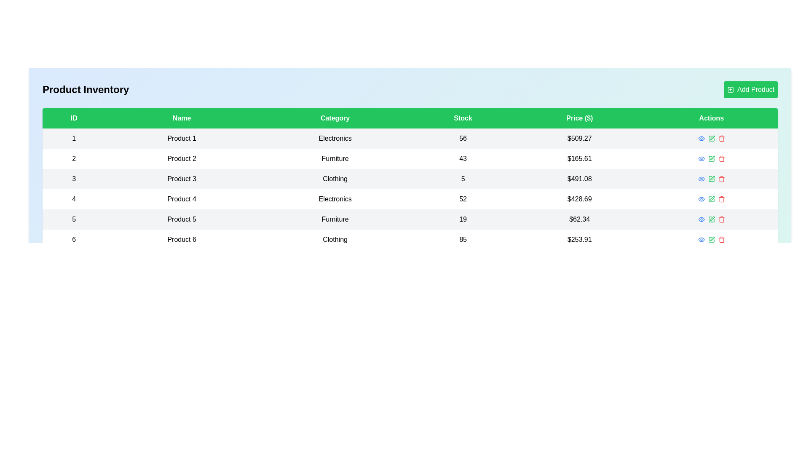 This screenshot has height=455, width=809. I want to click on the column header to sort the table by Price, so click(579, 118).